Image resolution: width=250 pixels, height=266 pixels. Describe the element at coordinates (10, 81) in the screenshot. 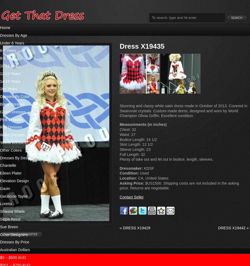

I see `'14-15 Years'` at that location.